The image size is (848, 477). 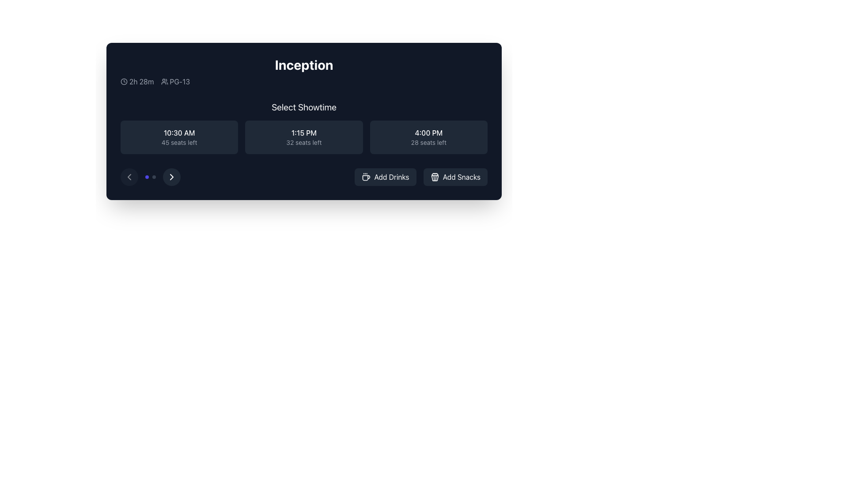 What do you see at coordinates (129, 177) in the screenshot?
I see `the small circular button with a dark gray background and a white chevron pointing left, located near the bottom-left side of the interface` at bounding box center [129, 177].